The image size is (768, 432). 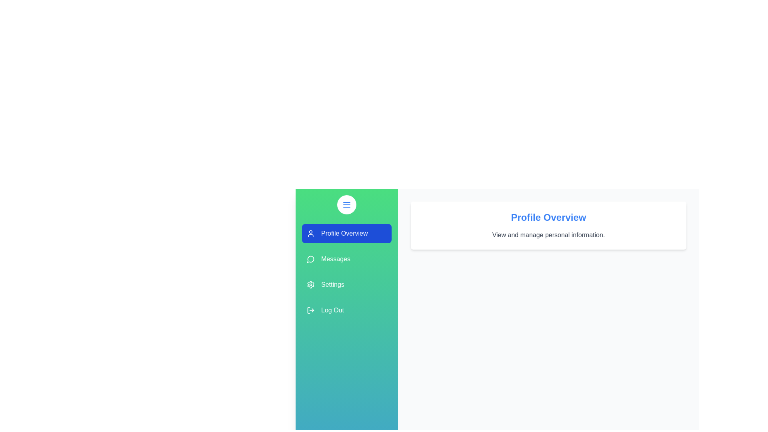 What do you see at coordinates (347, 204) in the screenshot?
I see `the menu button to toggle the drawer` at bounding box center [347, 204].